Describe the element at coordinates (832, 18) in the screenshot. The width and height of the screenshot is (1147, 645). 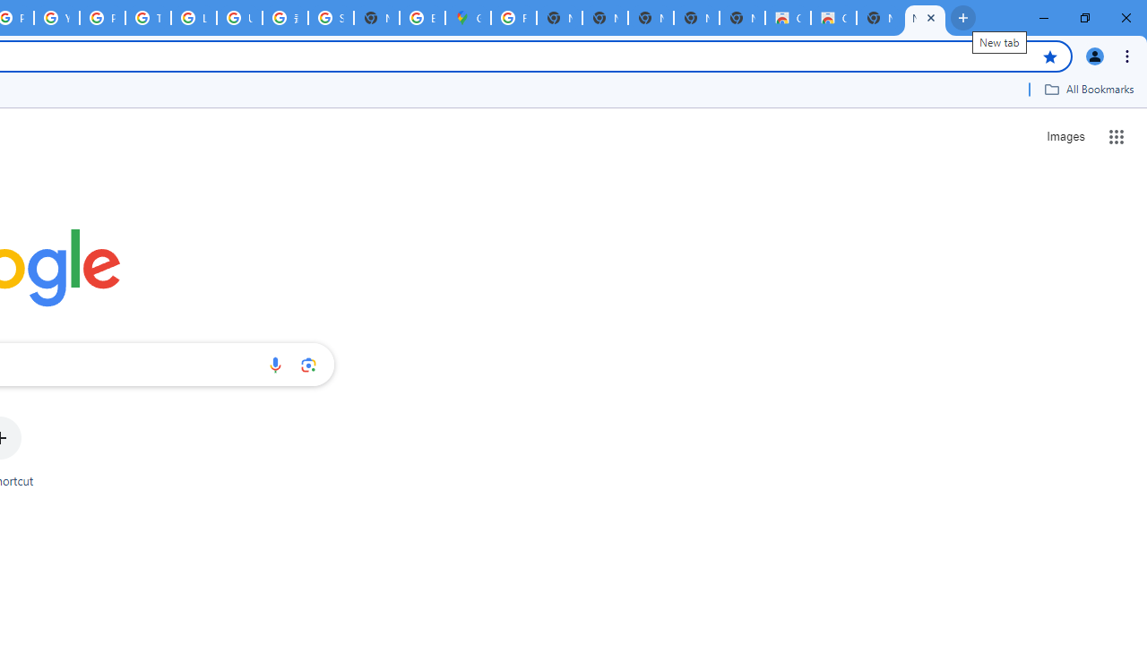
I see `'Classic Blue - Chrome Web Store'` at that location.